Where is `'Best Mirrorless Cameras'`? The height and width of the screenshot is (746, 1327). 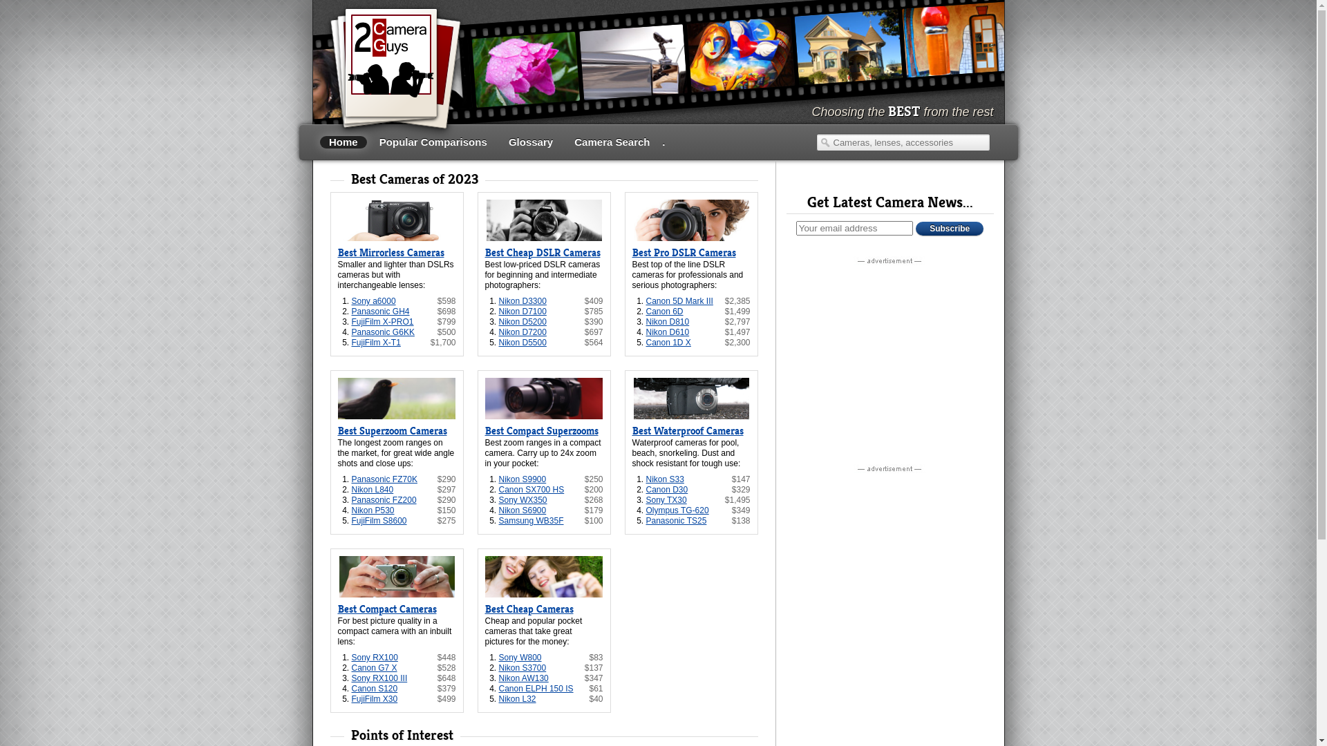 'Best Mirrorless Cameras' is located at coordinates (390, 253).